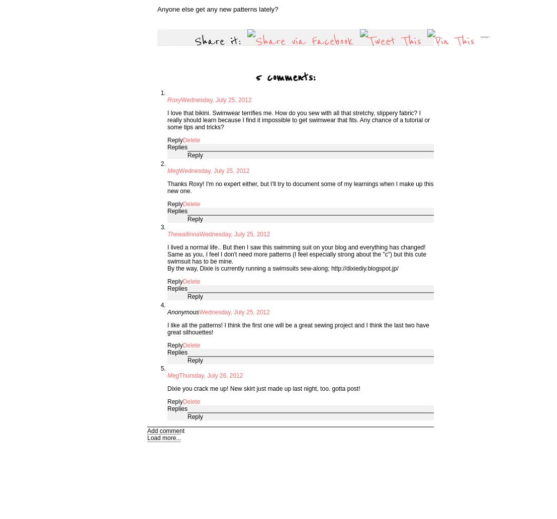  What do you see at coordinates (285, 76) in the screenshot?
I see `'5 comments:'` at bounding box center [285, 76].